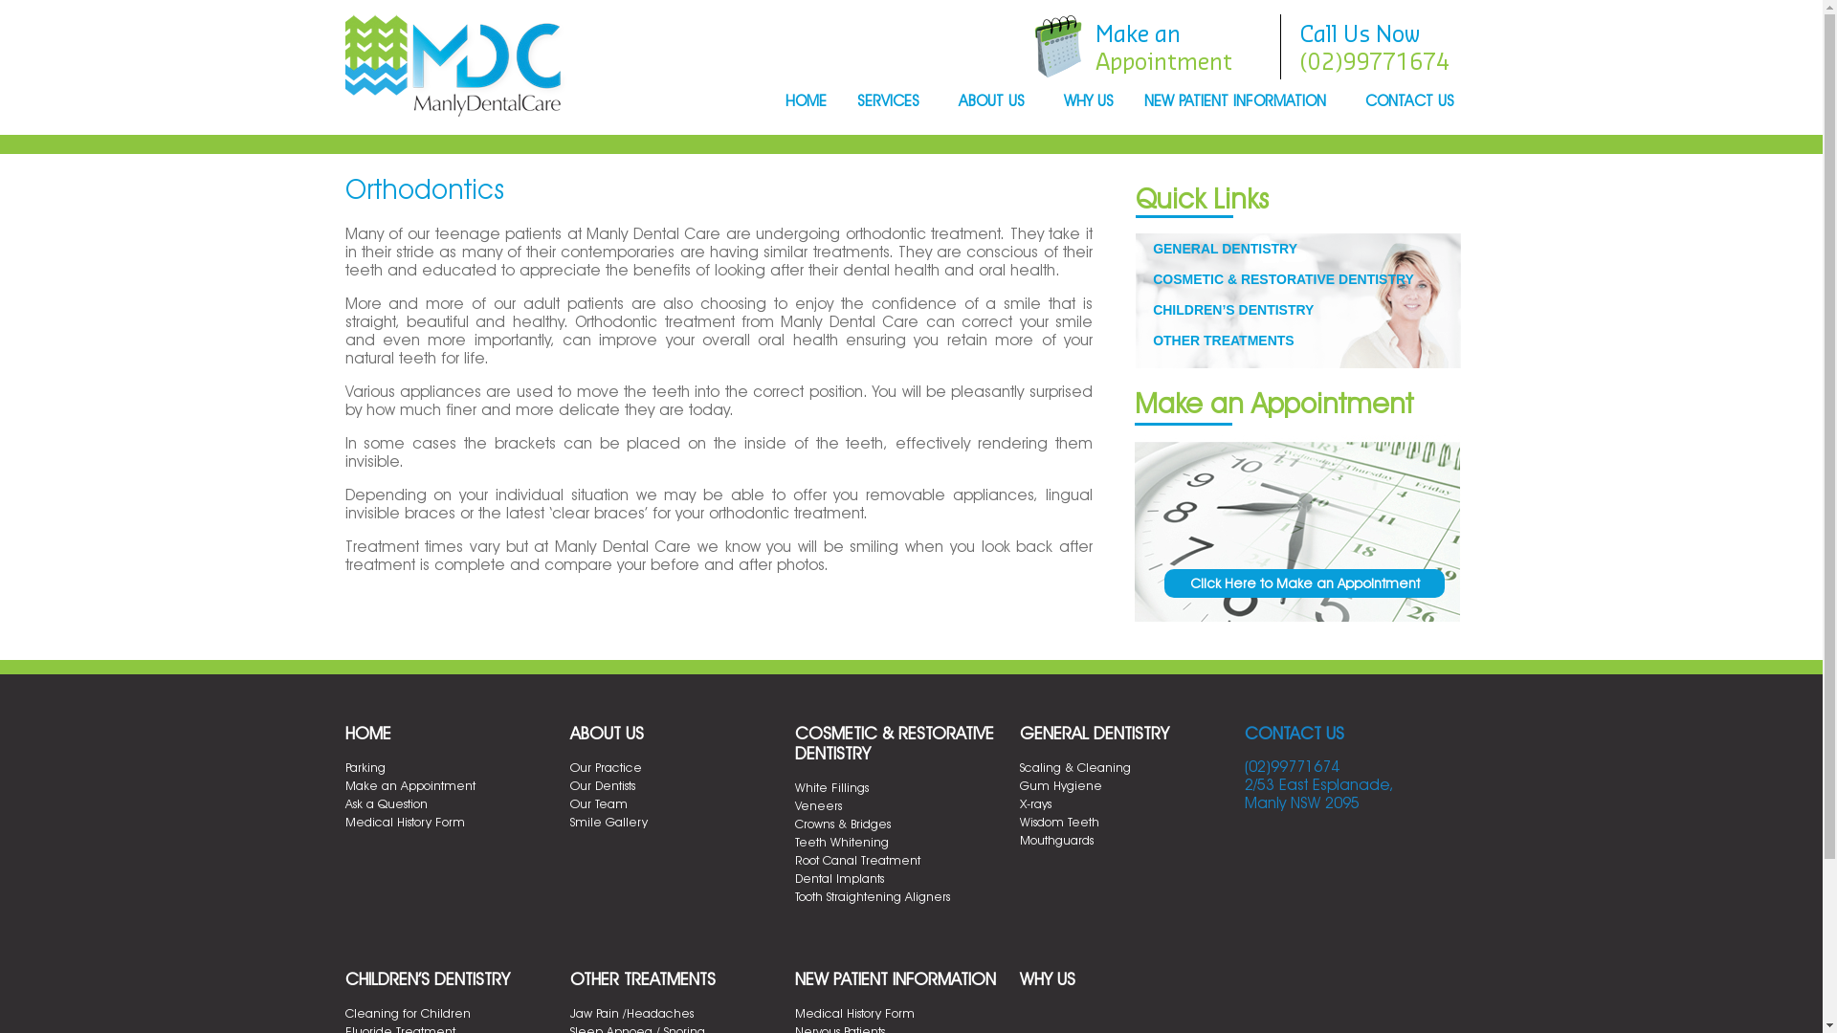 The width and height of the screenshot is (1837, 1033). Describe the element at coordinates (855, 858) in the screenshot. I see `'Root Canal Treatment'` at that location.